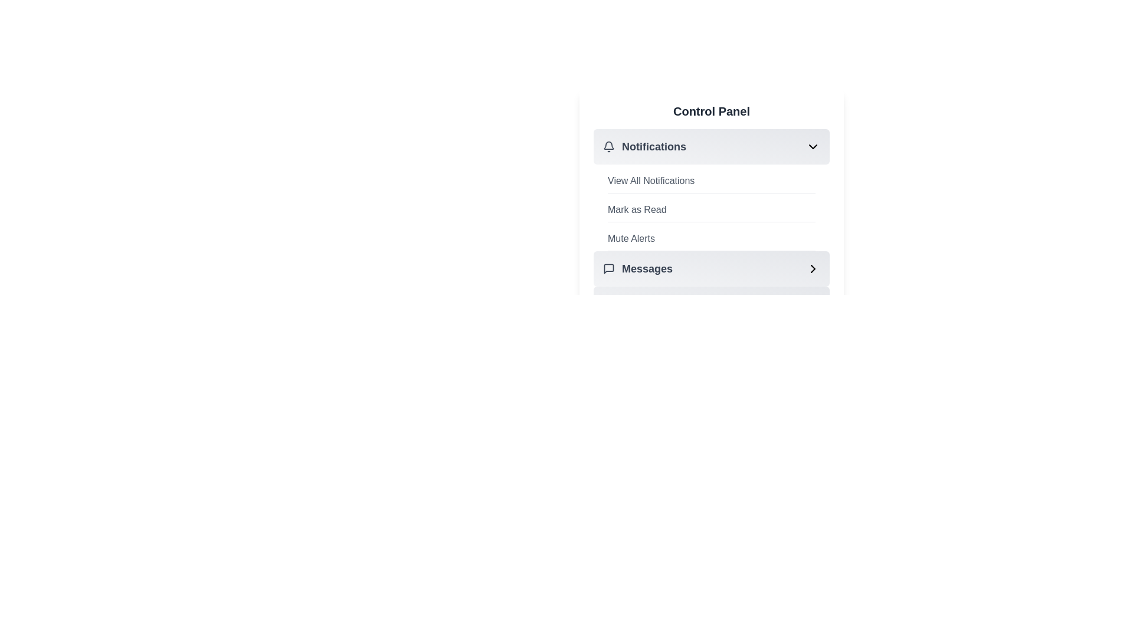  I want to click on the second menu item in the 'Notifications' section to mark notifications as read, so click(710, 225).